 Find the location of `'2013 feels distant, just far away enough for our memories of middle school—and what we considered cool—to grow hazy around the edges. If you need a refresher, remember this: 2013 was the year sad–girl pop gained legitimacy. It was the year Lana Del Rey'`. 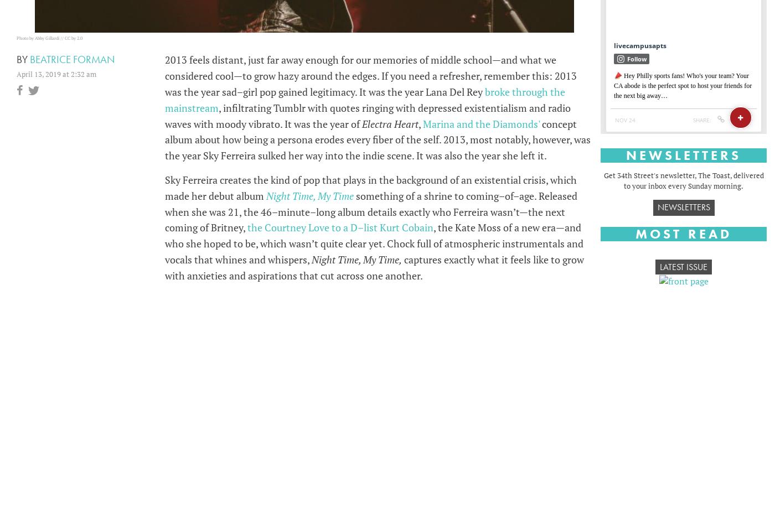

'2013 feels distant, just far away enough for our memories of middle school—and what we considered cool—to grow hazy around the edges. If you need a refresher, remember this: 2013 was the year sad–girl pop gained legitimacy. It was the year Lana Del Rey' is located at coordinates (370, 75).